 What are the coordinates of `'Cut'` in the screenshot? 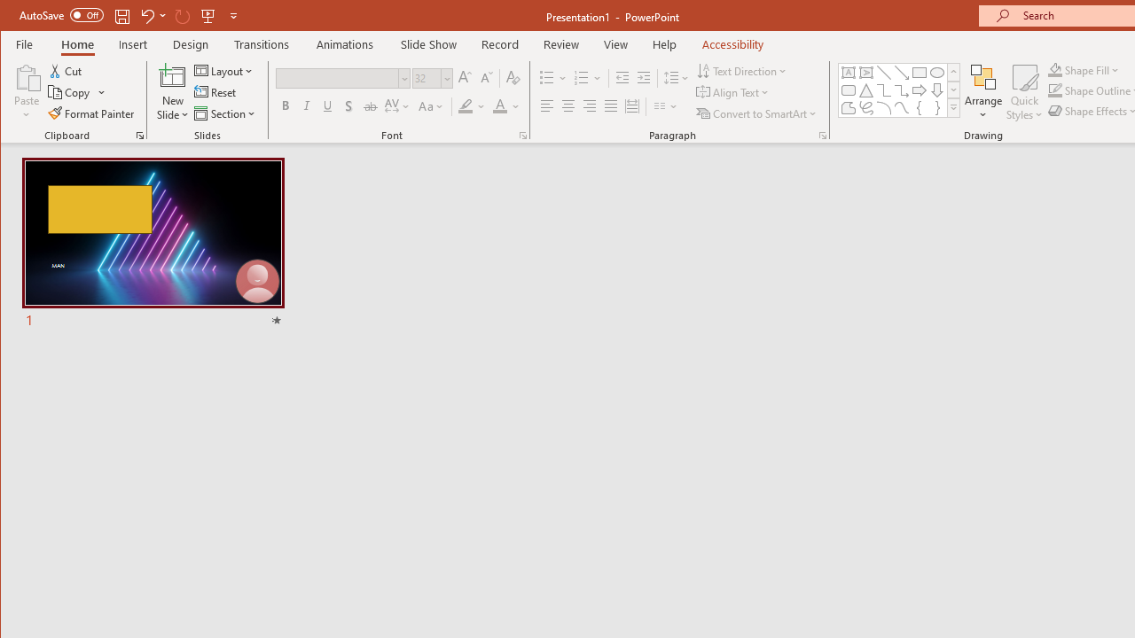 It's located at (66, 70).